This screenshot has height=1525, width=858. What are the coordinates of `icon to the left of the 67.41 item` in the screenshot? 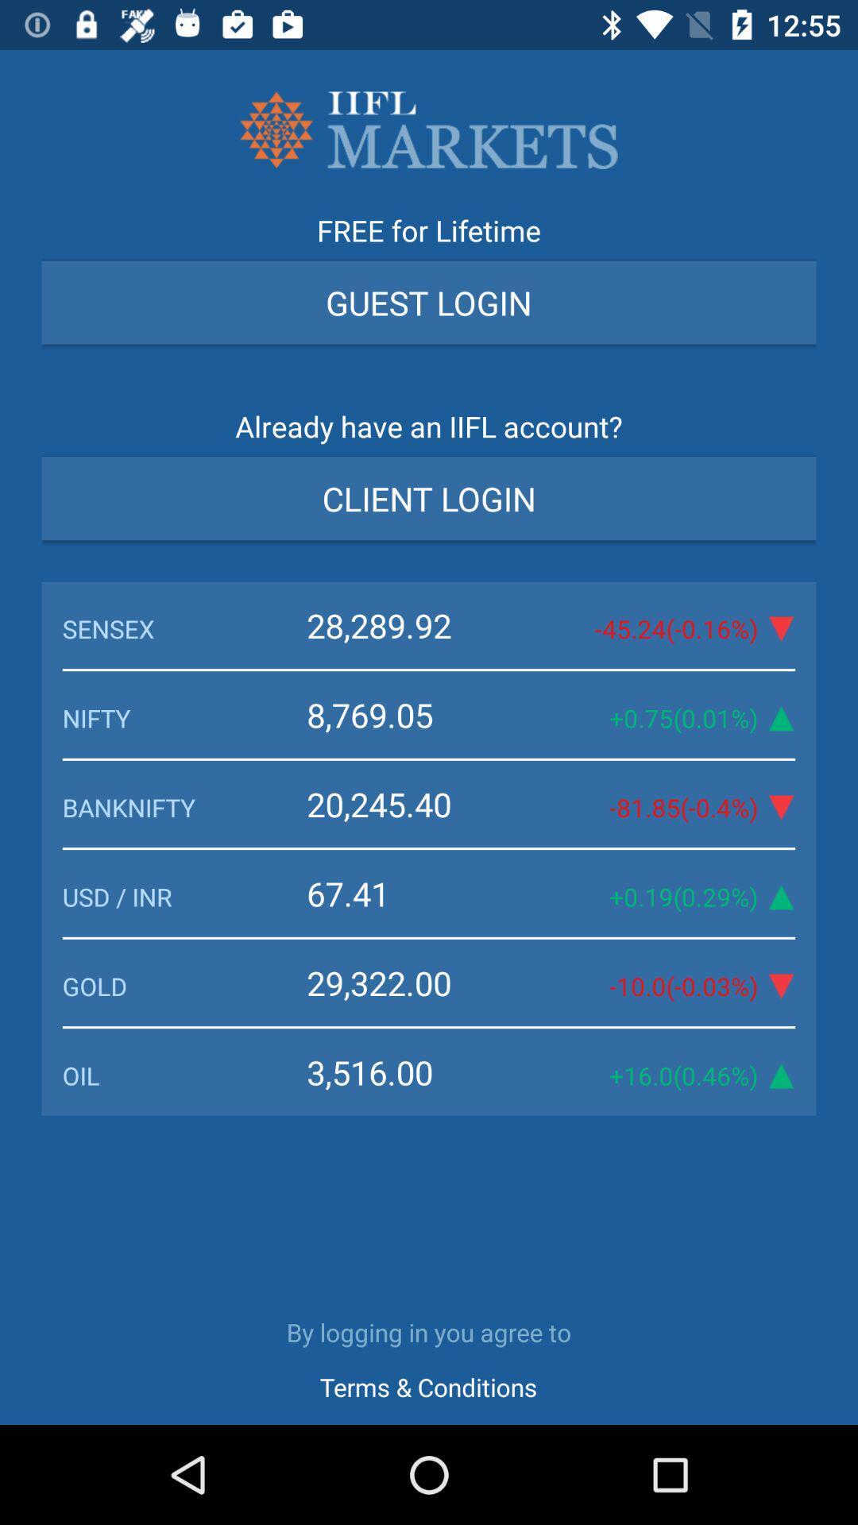 It's located at (184, 897).